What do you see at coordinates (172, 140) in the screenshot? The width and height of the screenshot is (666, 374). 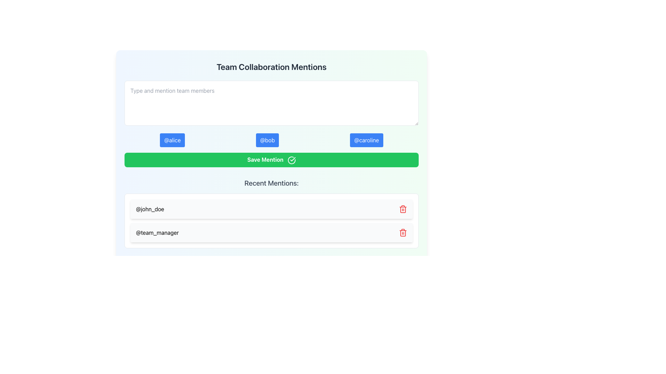 I see `the blue button labeled '@alice', which is the first button in a horizontal group of three buttons` at bounding box center [172, 140].